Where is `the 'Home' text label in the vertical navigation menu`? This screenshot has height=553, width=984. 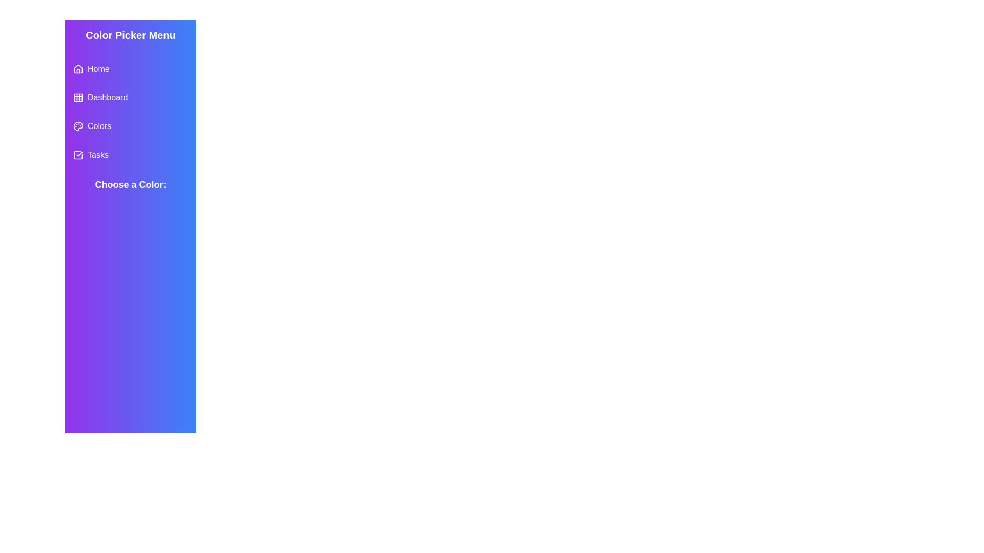 the 'Home' text label in the vertical navigation menu is located at coordinates (98, 69).